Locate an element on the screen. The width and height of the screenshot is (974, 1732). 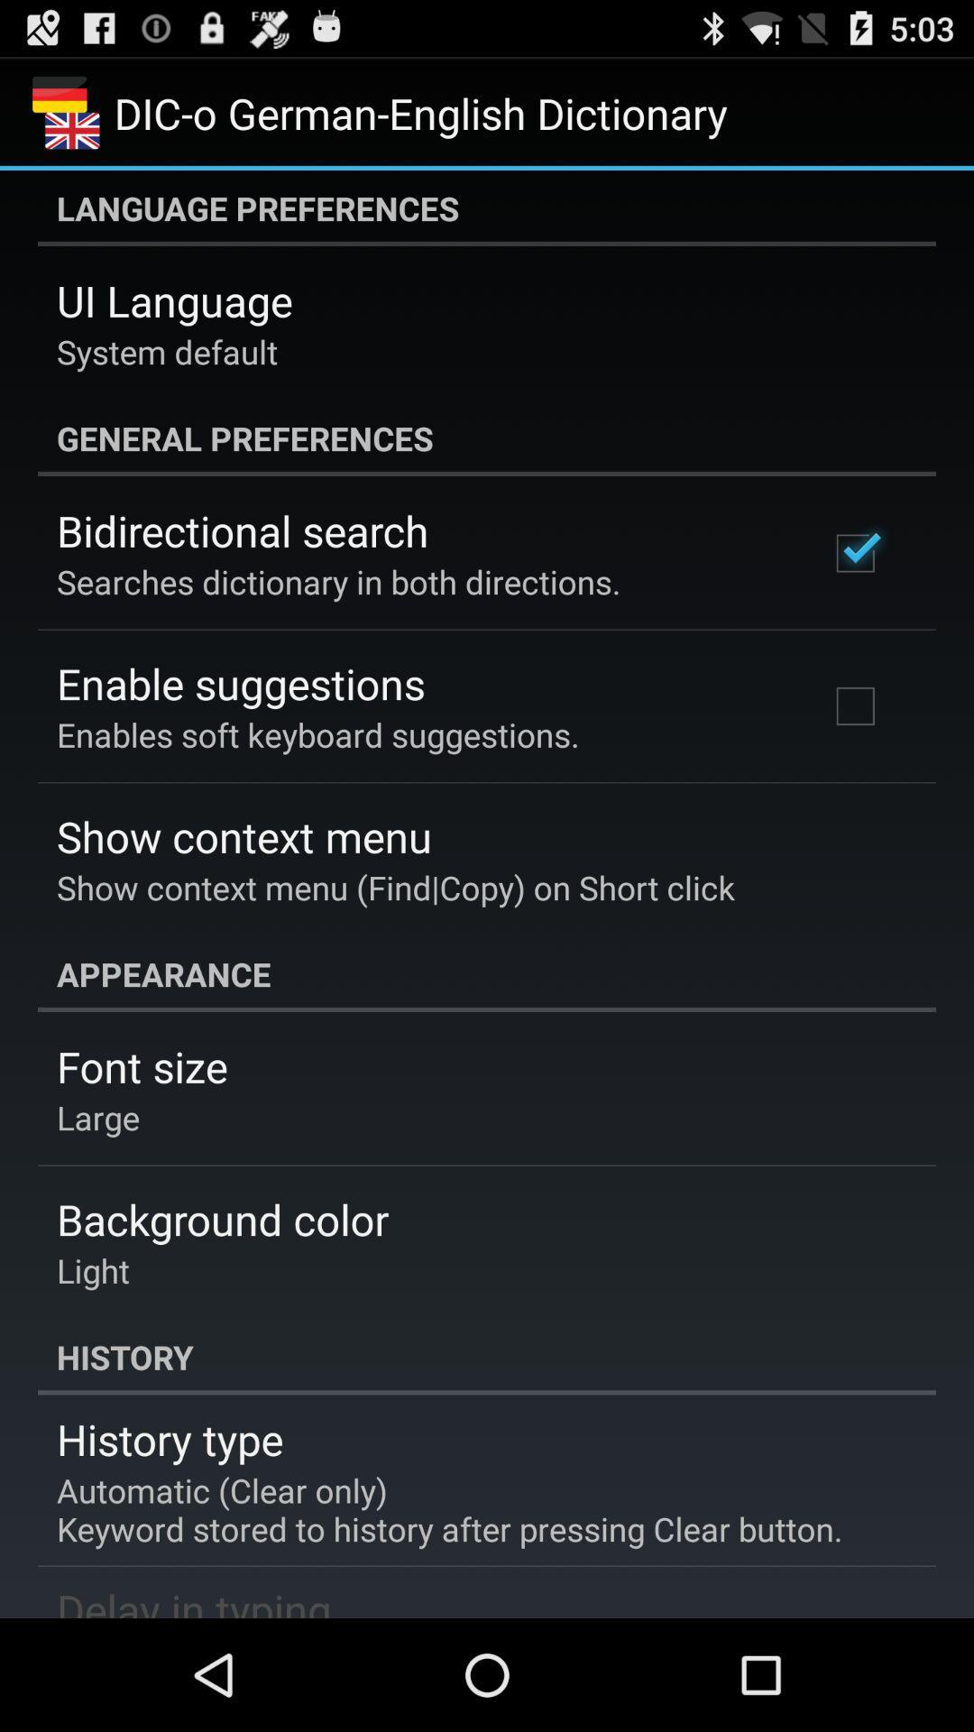
the item below language preferences app is located at coordinates (174, 300).